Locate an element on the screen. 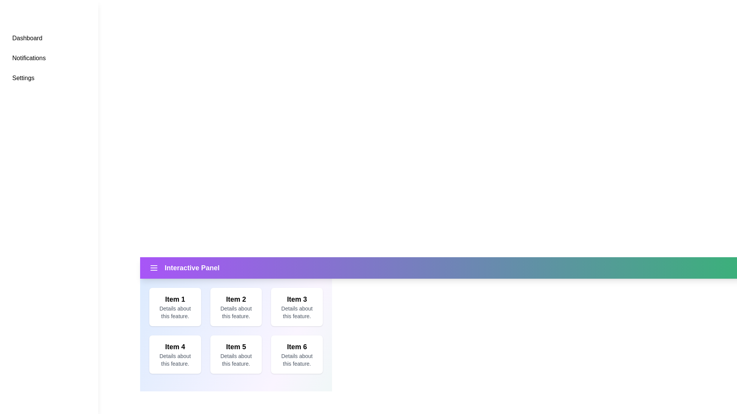  the text label that serves as a title for the card or feature, positioned in the second position of a grid-like structure, above the text 'Details about this feature' is located at coordinates (235, 299).